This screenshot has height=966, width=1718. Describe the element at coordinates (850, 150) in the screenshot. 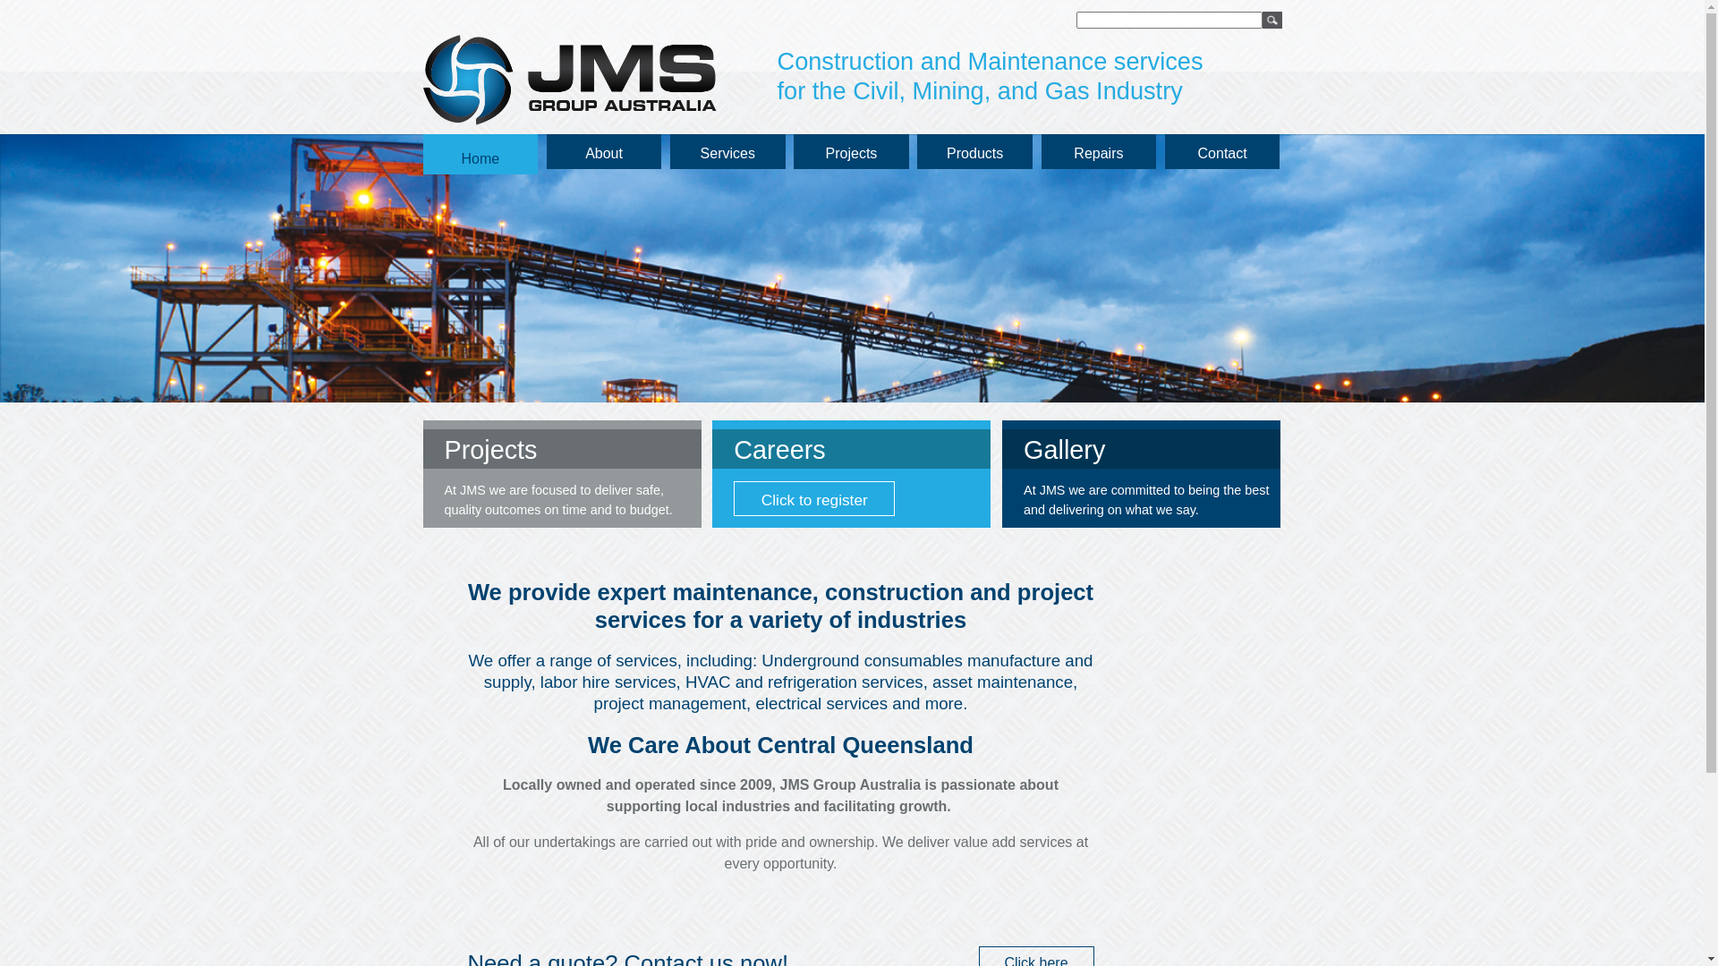

I see `'Projects'` at that location.